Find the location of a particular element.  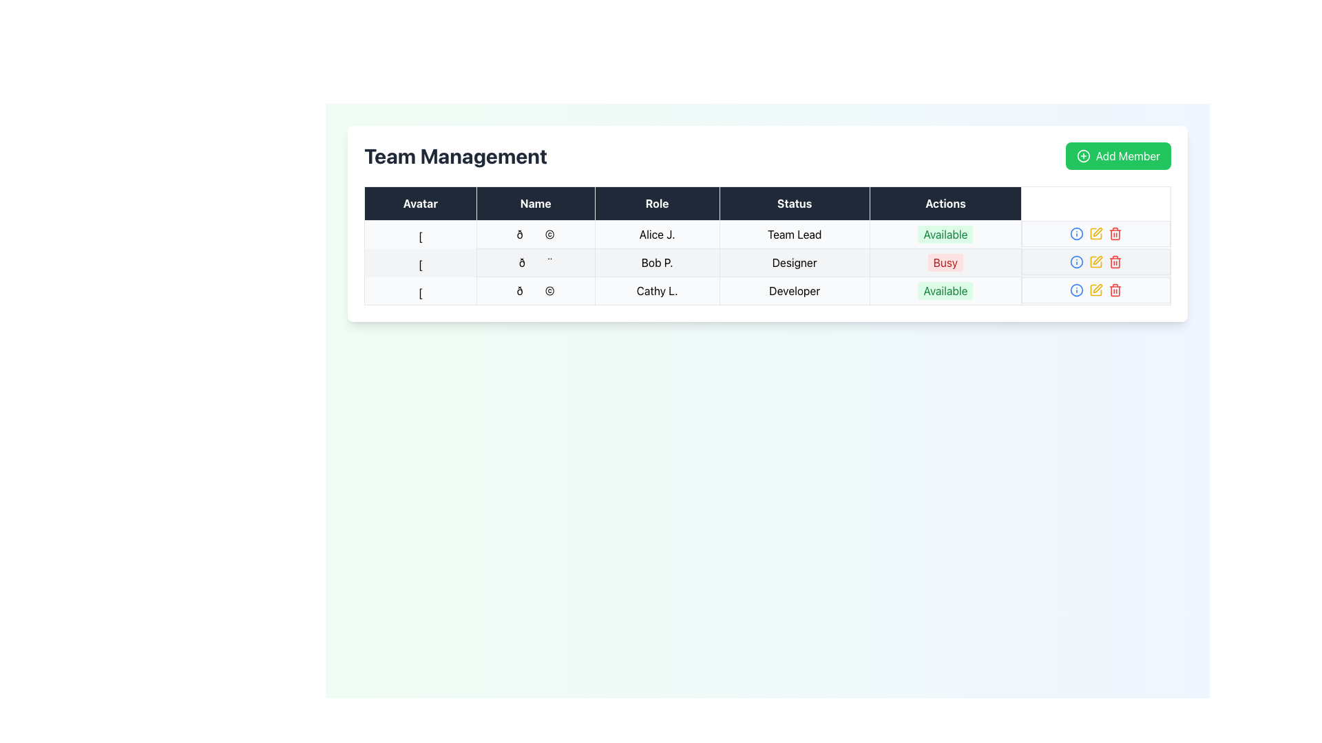

the information icon located in the second row of the table, aligned to the right of the 'Actions' column is located at coordinates (1076, 261).